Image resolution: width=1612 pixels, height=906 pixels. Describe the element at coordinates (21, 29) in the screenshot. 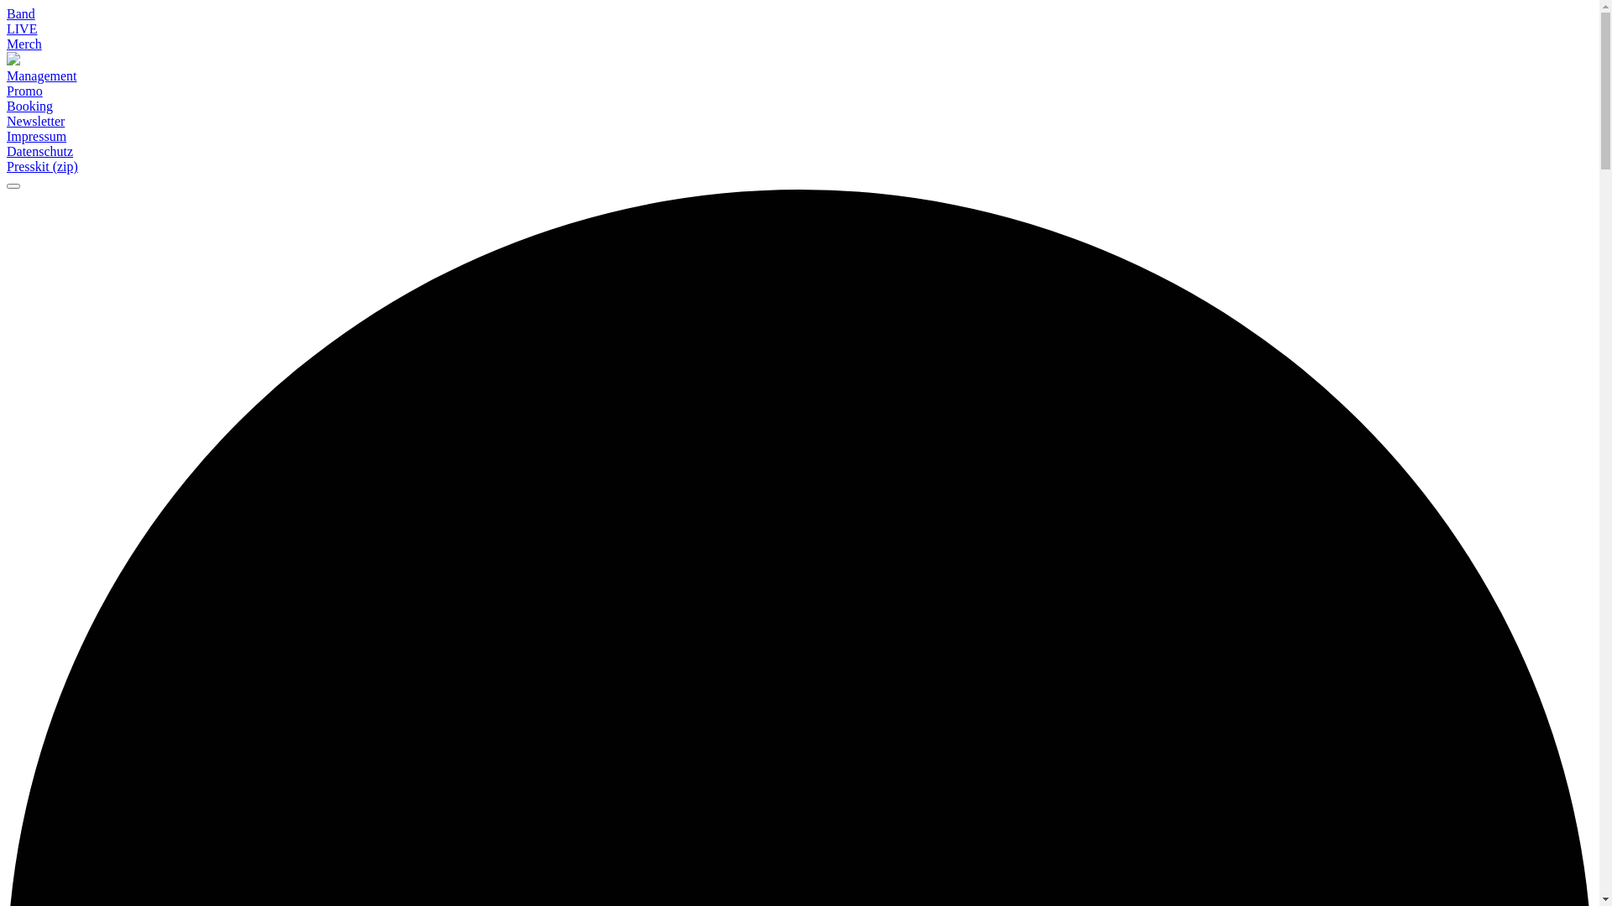

I see `'LIVE'` at that location.